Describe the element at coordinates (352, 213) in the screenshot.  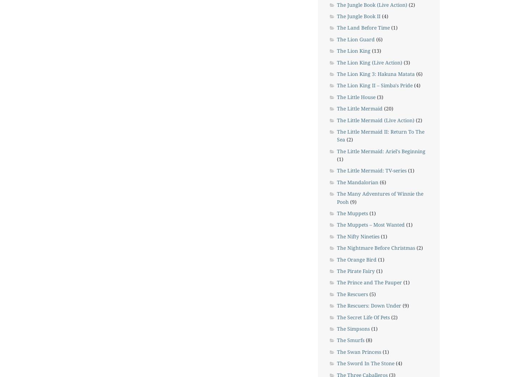
I see `'The Muppets'` at that location.